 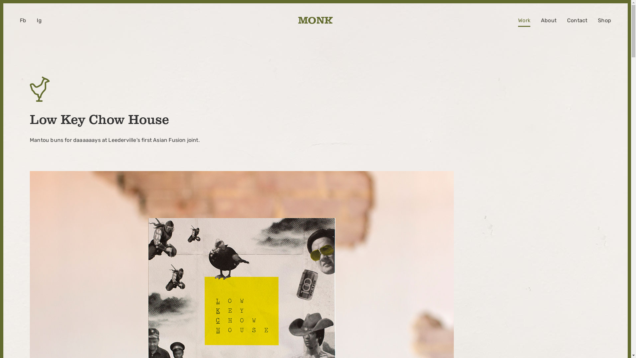 What do you see at coordinates (577, 21) in the screenshot?
I see `'Contact'` at bounding box center [577, 21].